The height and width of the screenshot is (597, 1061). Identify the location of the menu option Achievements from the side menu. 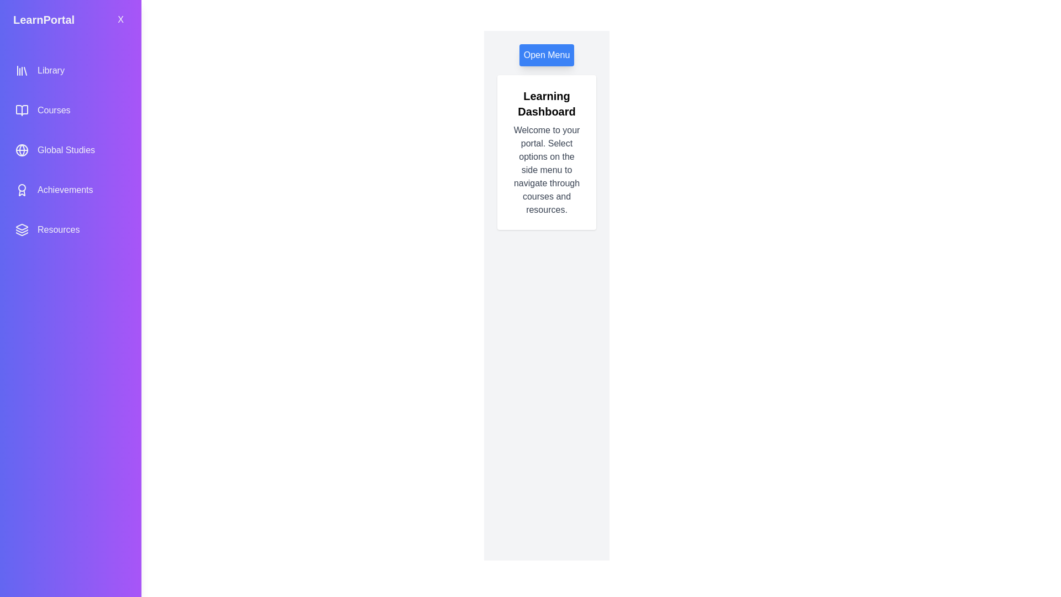
(70, 189).